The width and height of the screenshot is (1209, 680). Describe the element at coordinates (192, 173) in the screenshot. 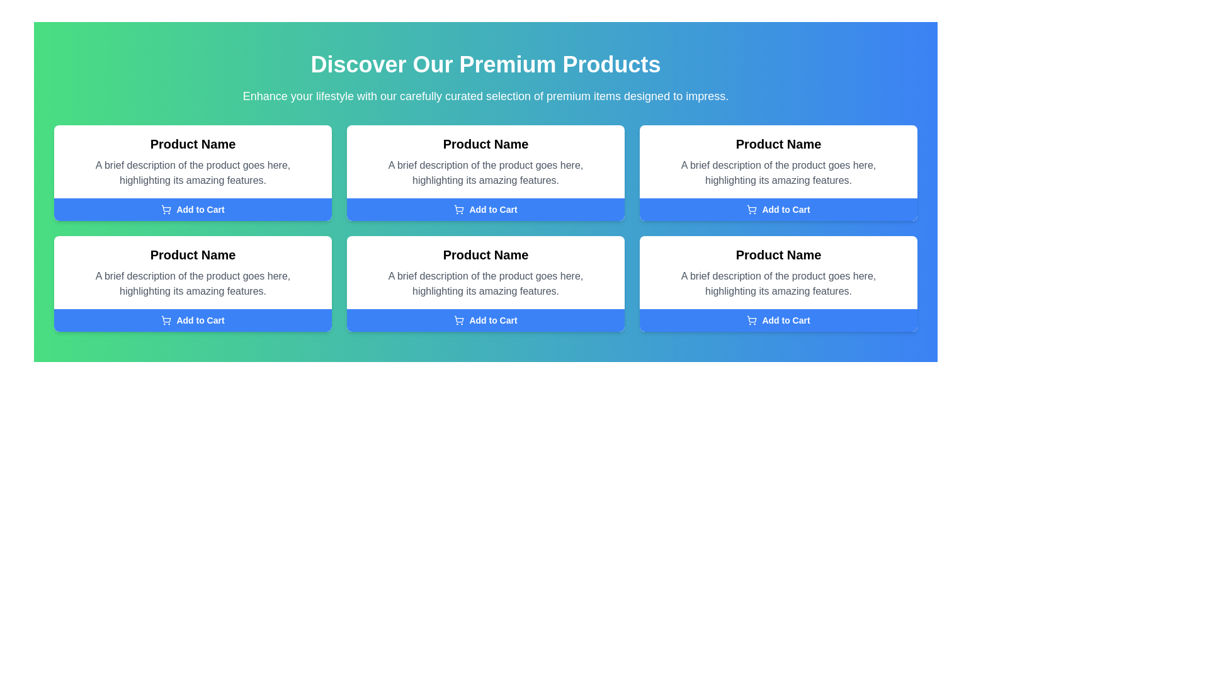

I see `the product description text located in the first product card, directly below the product name text` at that location.